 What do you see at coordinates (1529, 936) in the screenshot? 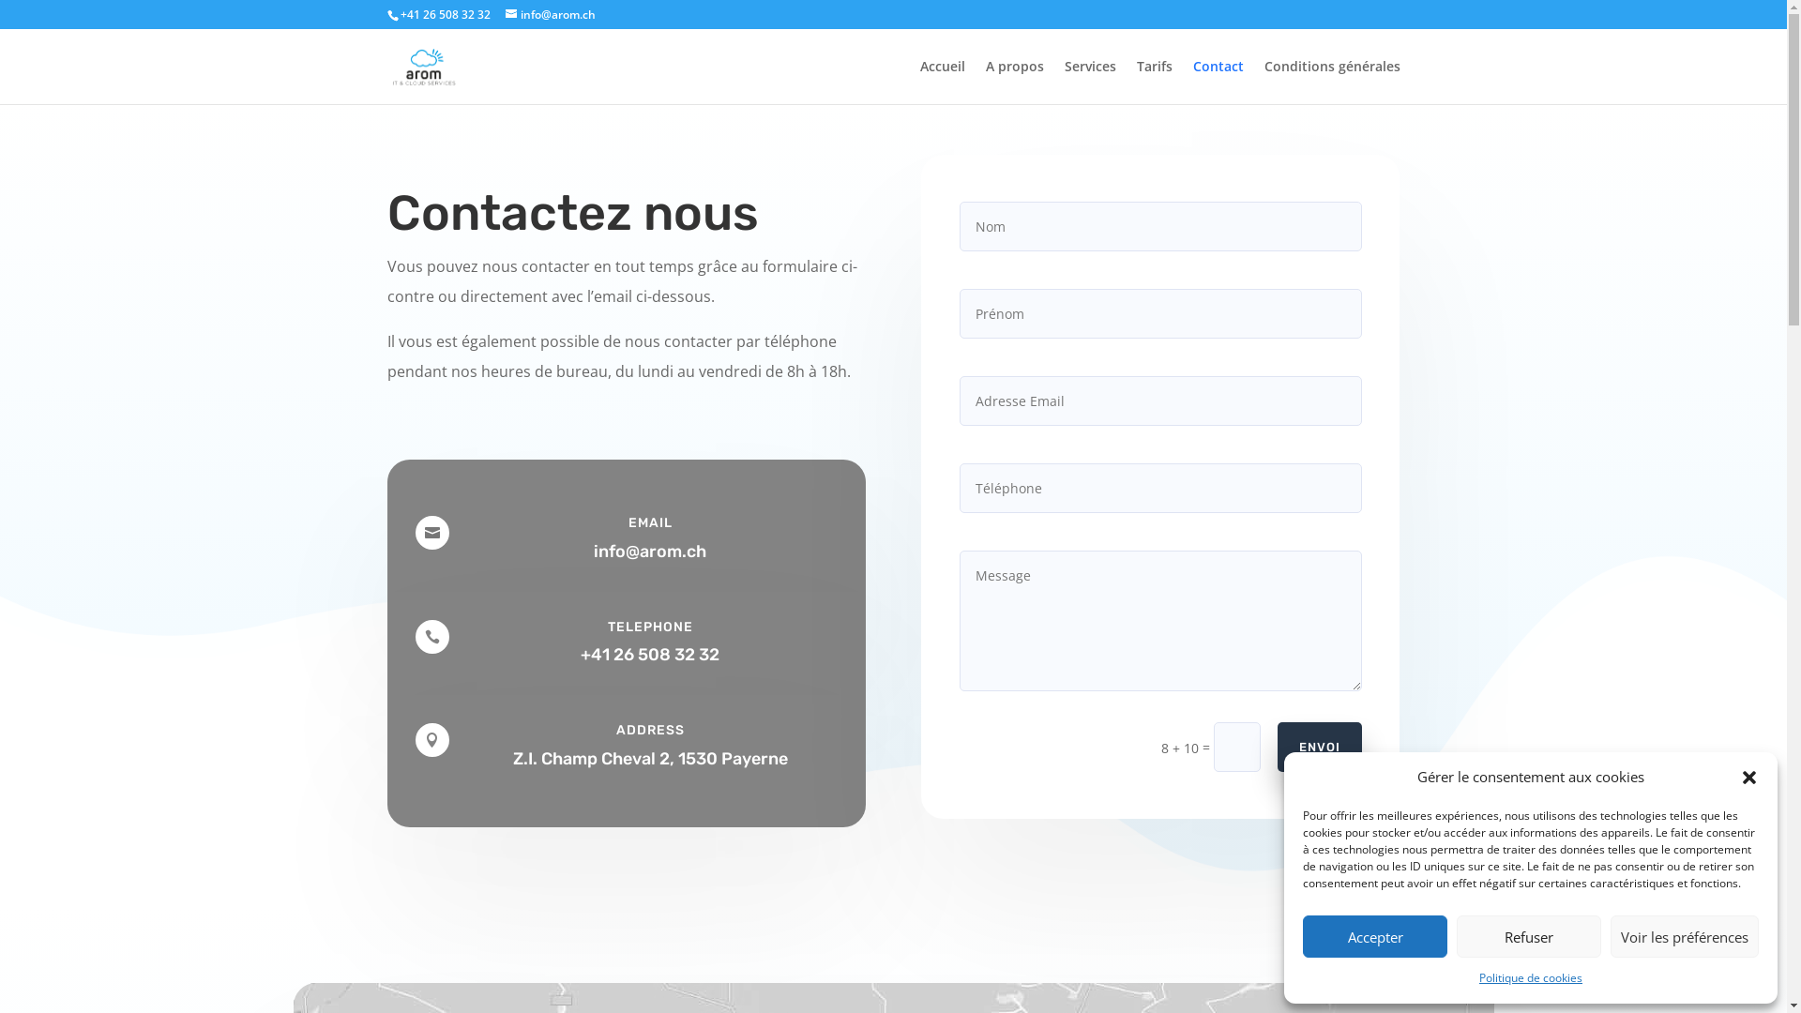
I see `'Refuser'` at bounding box center [1529, 936].